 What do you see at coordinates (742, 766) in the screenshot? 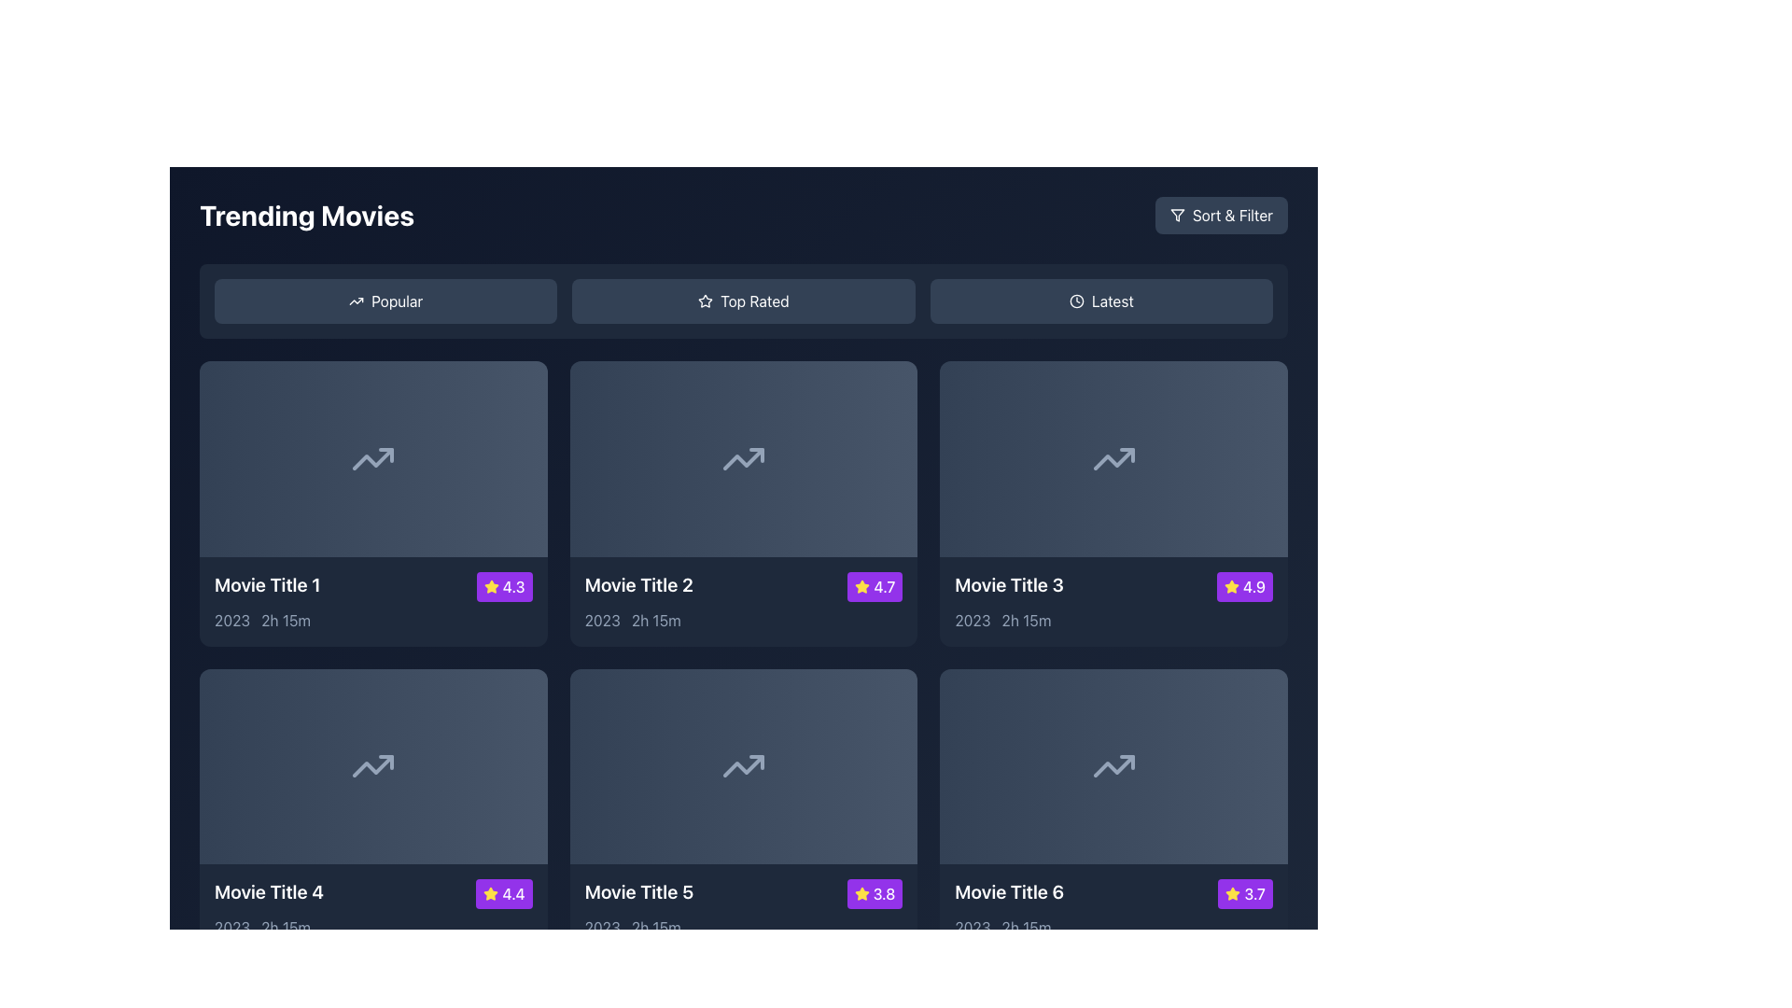
I see `the decorative icon centered within the movie card labeled 'Movie Title 5', located in the second row, second column from the right in the grid layout` at bounding box center [742, 766].